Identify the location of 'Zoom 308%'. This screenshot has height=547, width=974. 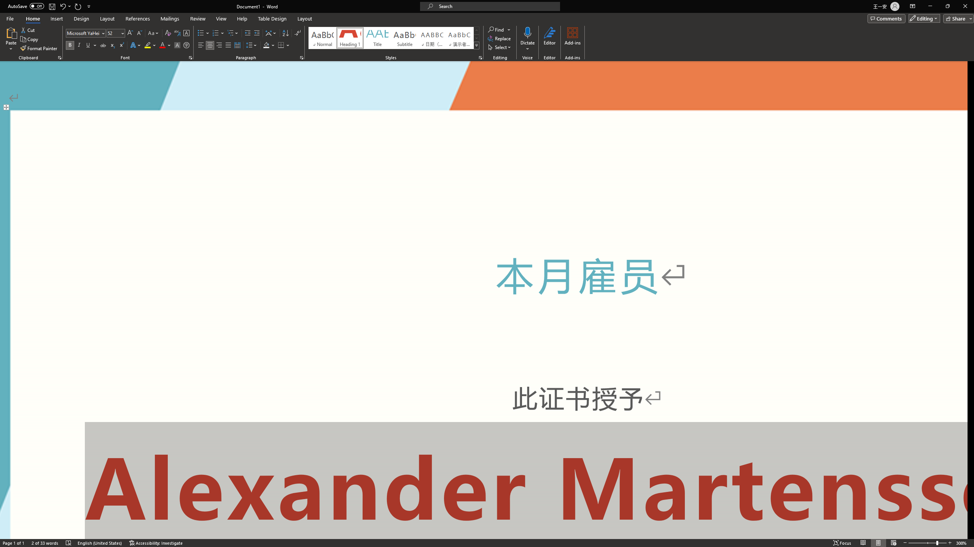
(965, 528).